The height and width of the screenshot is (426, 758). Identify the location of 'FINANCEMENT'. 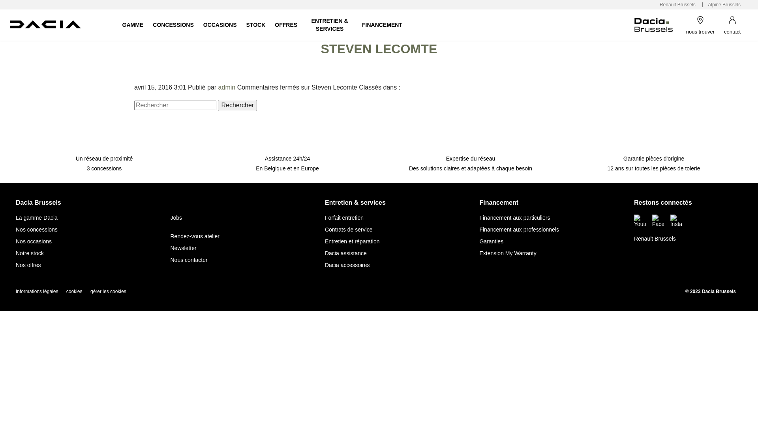
(382, 24).